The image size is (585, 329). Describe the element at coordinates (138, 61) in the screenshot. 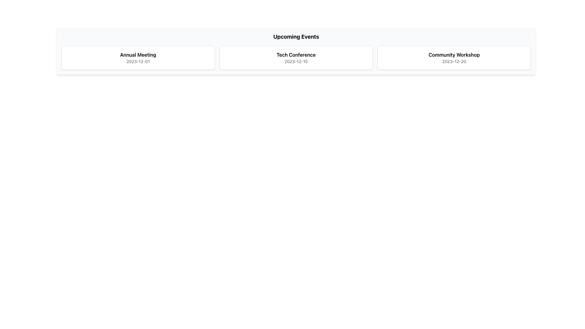

I see `date text label displayed under the 'Annual Meeting' event for its information` at that location.